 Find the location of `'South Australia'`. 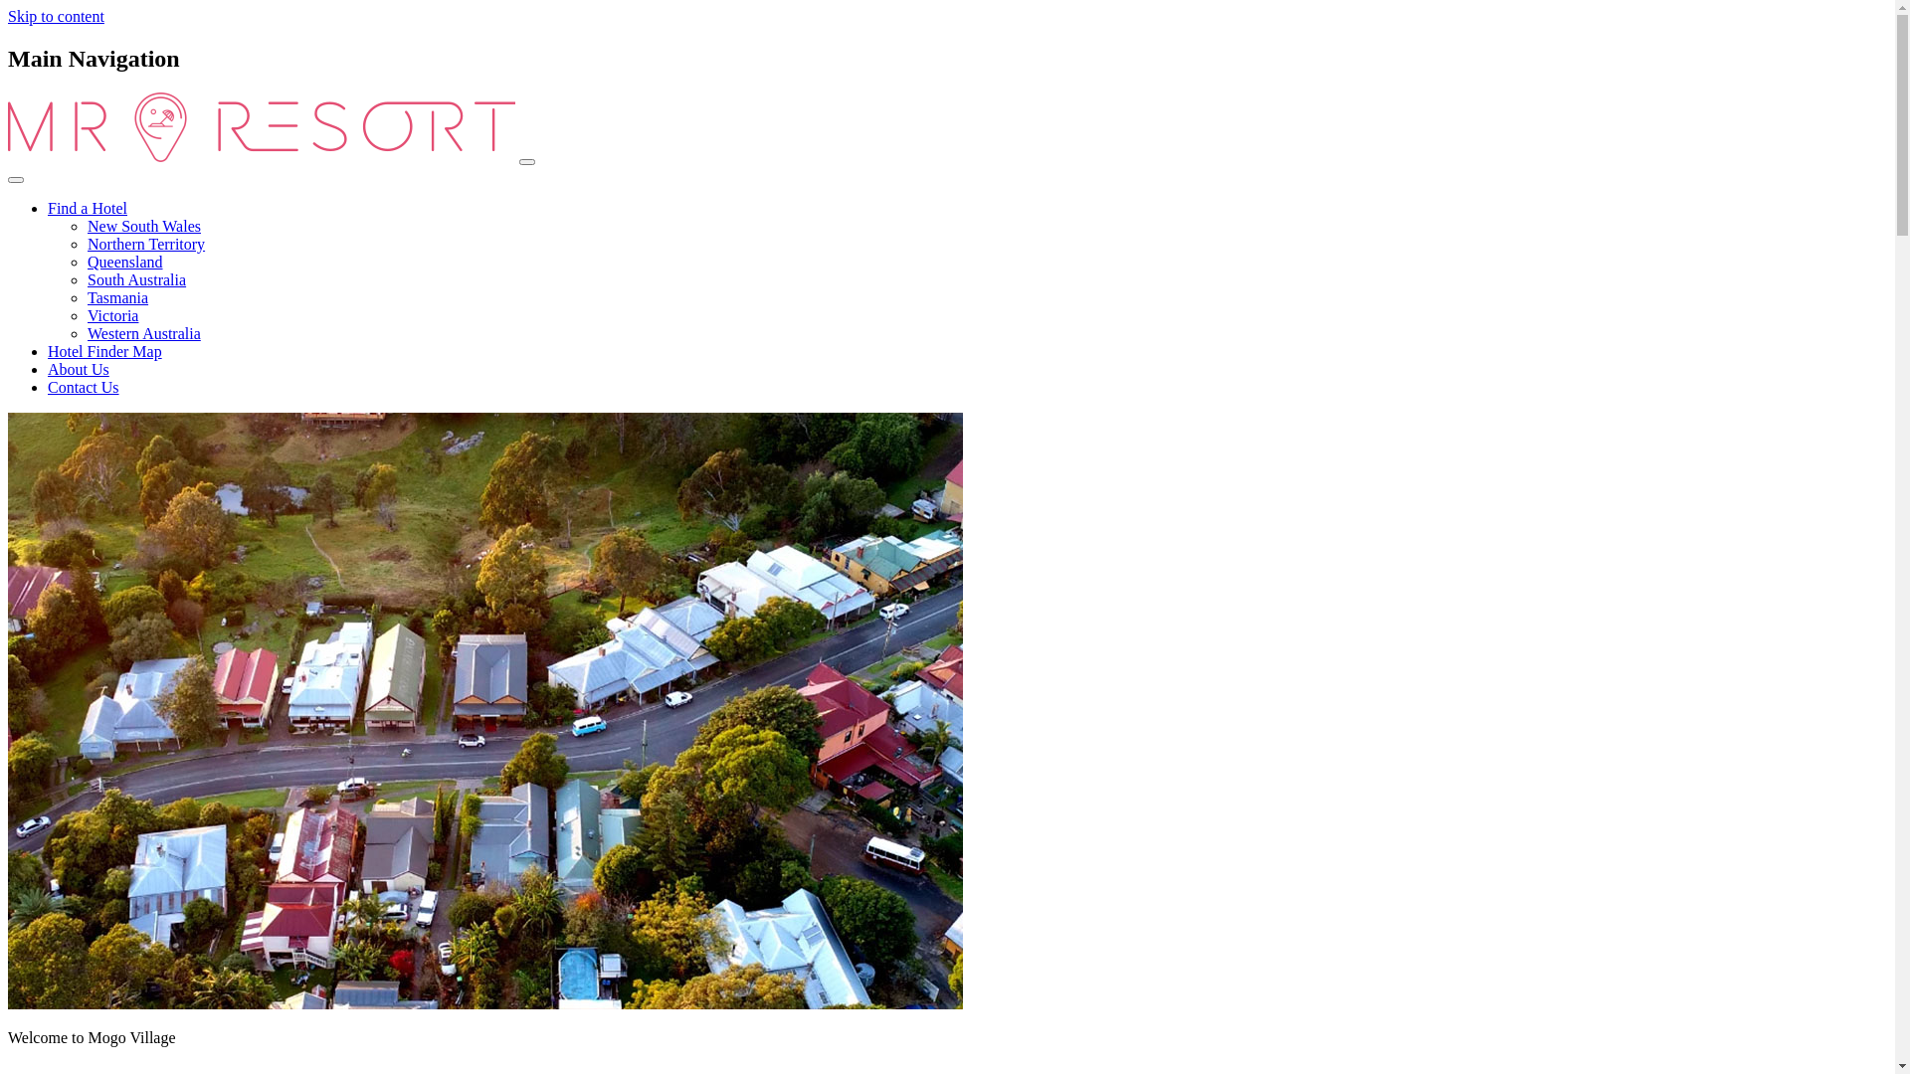

'South Australia' is located at coordinates (135, 279).